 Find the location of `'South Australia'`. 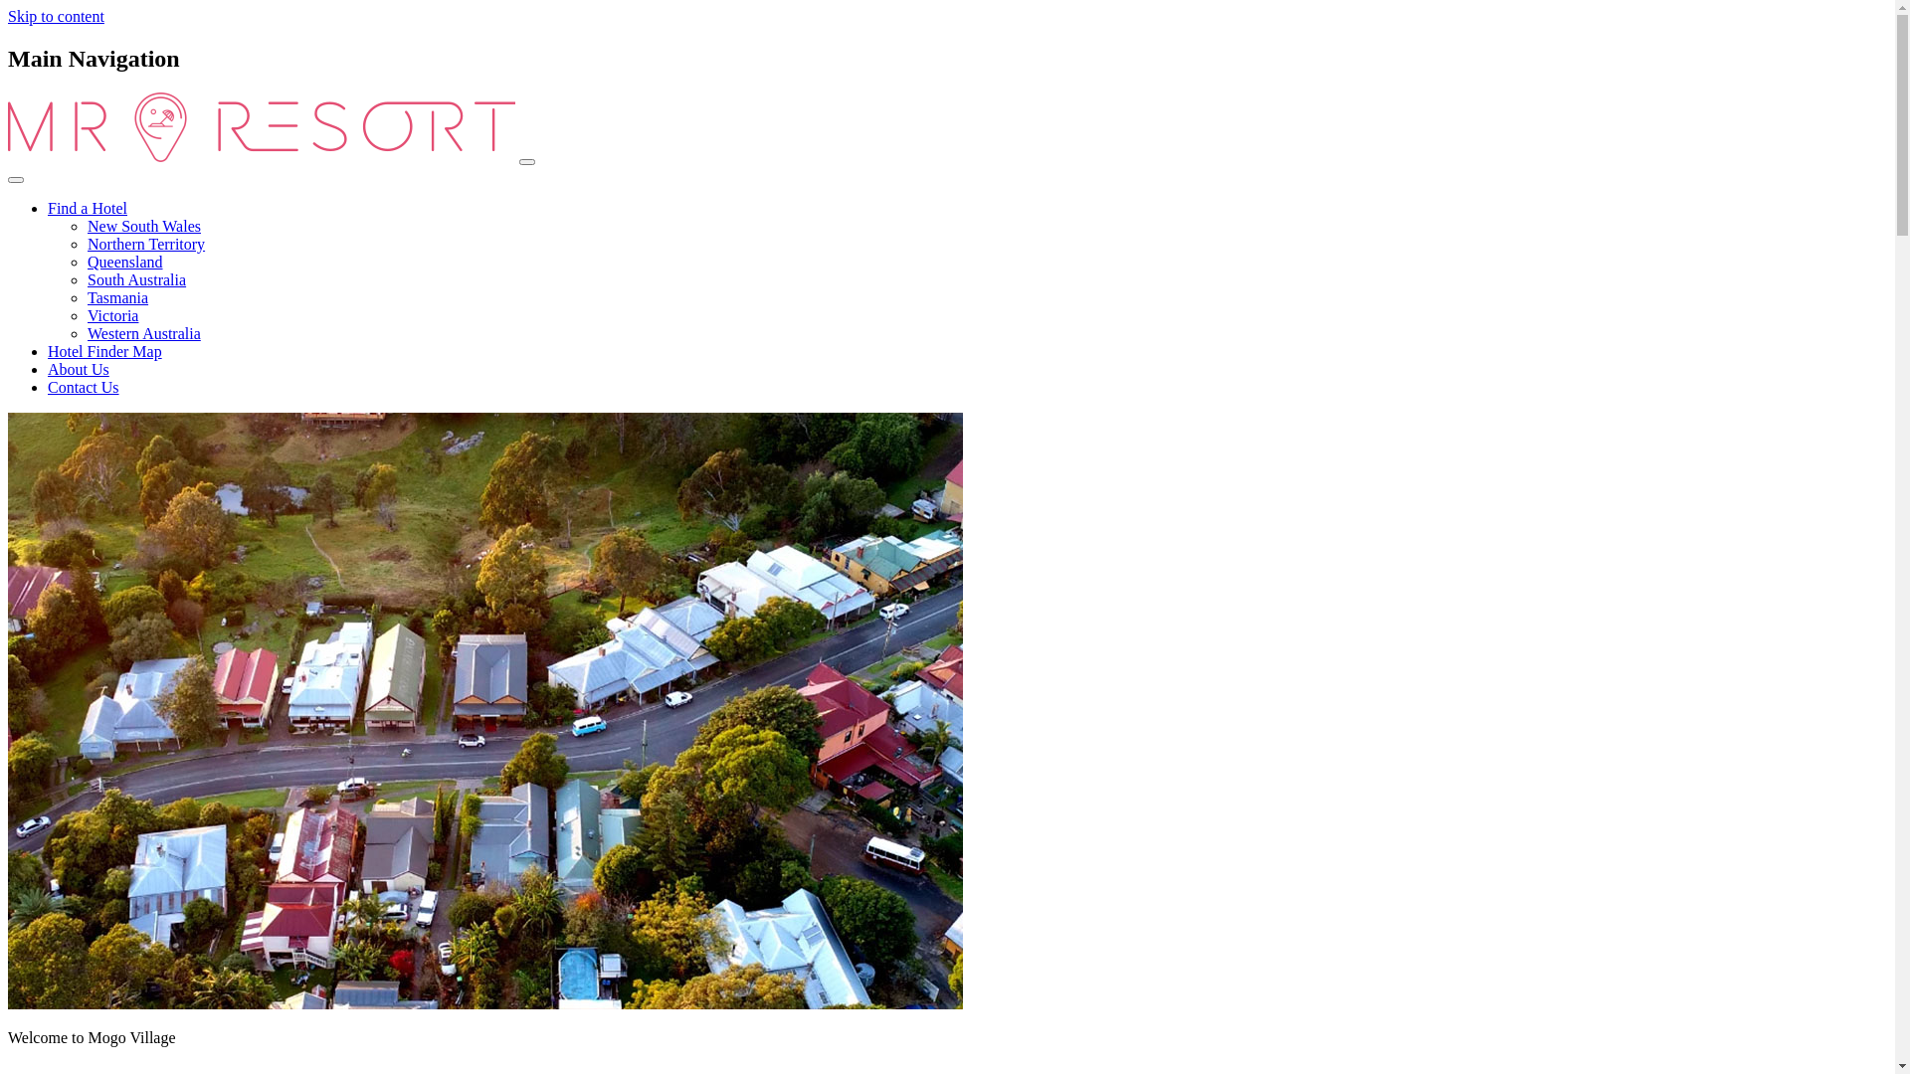

'South Australia' is located at coordinates (135, 279).